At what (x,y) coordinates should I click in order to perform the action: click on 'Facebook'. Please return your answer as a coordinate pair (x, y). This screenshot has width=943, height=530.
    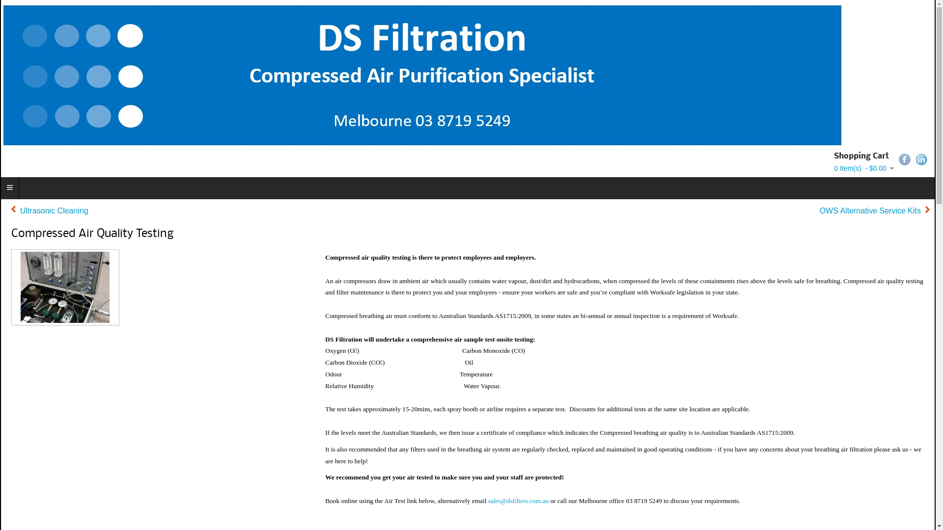
    Looking at the image, I should click on (904, 159).